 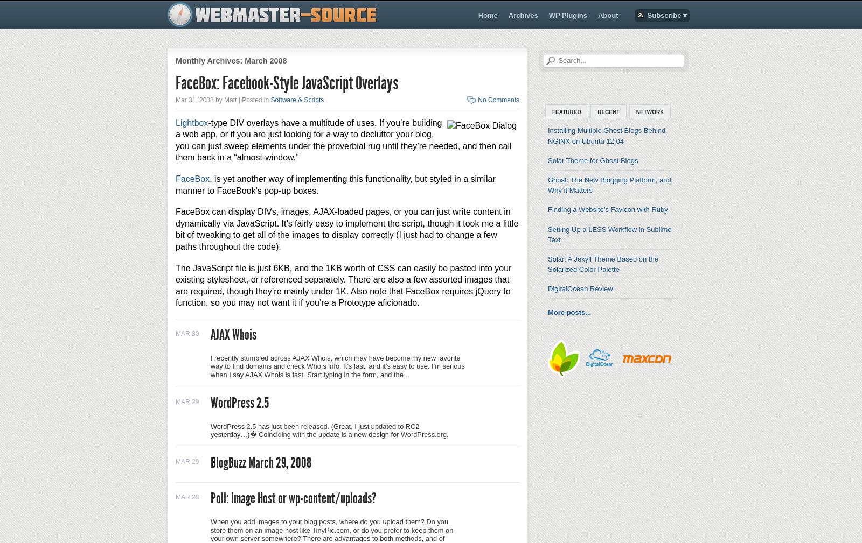 What do you see at coordinates (210, 60) in the screenshot?
I see `'Monthly Archives:'` at bounding box center [210, 60].